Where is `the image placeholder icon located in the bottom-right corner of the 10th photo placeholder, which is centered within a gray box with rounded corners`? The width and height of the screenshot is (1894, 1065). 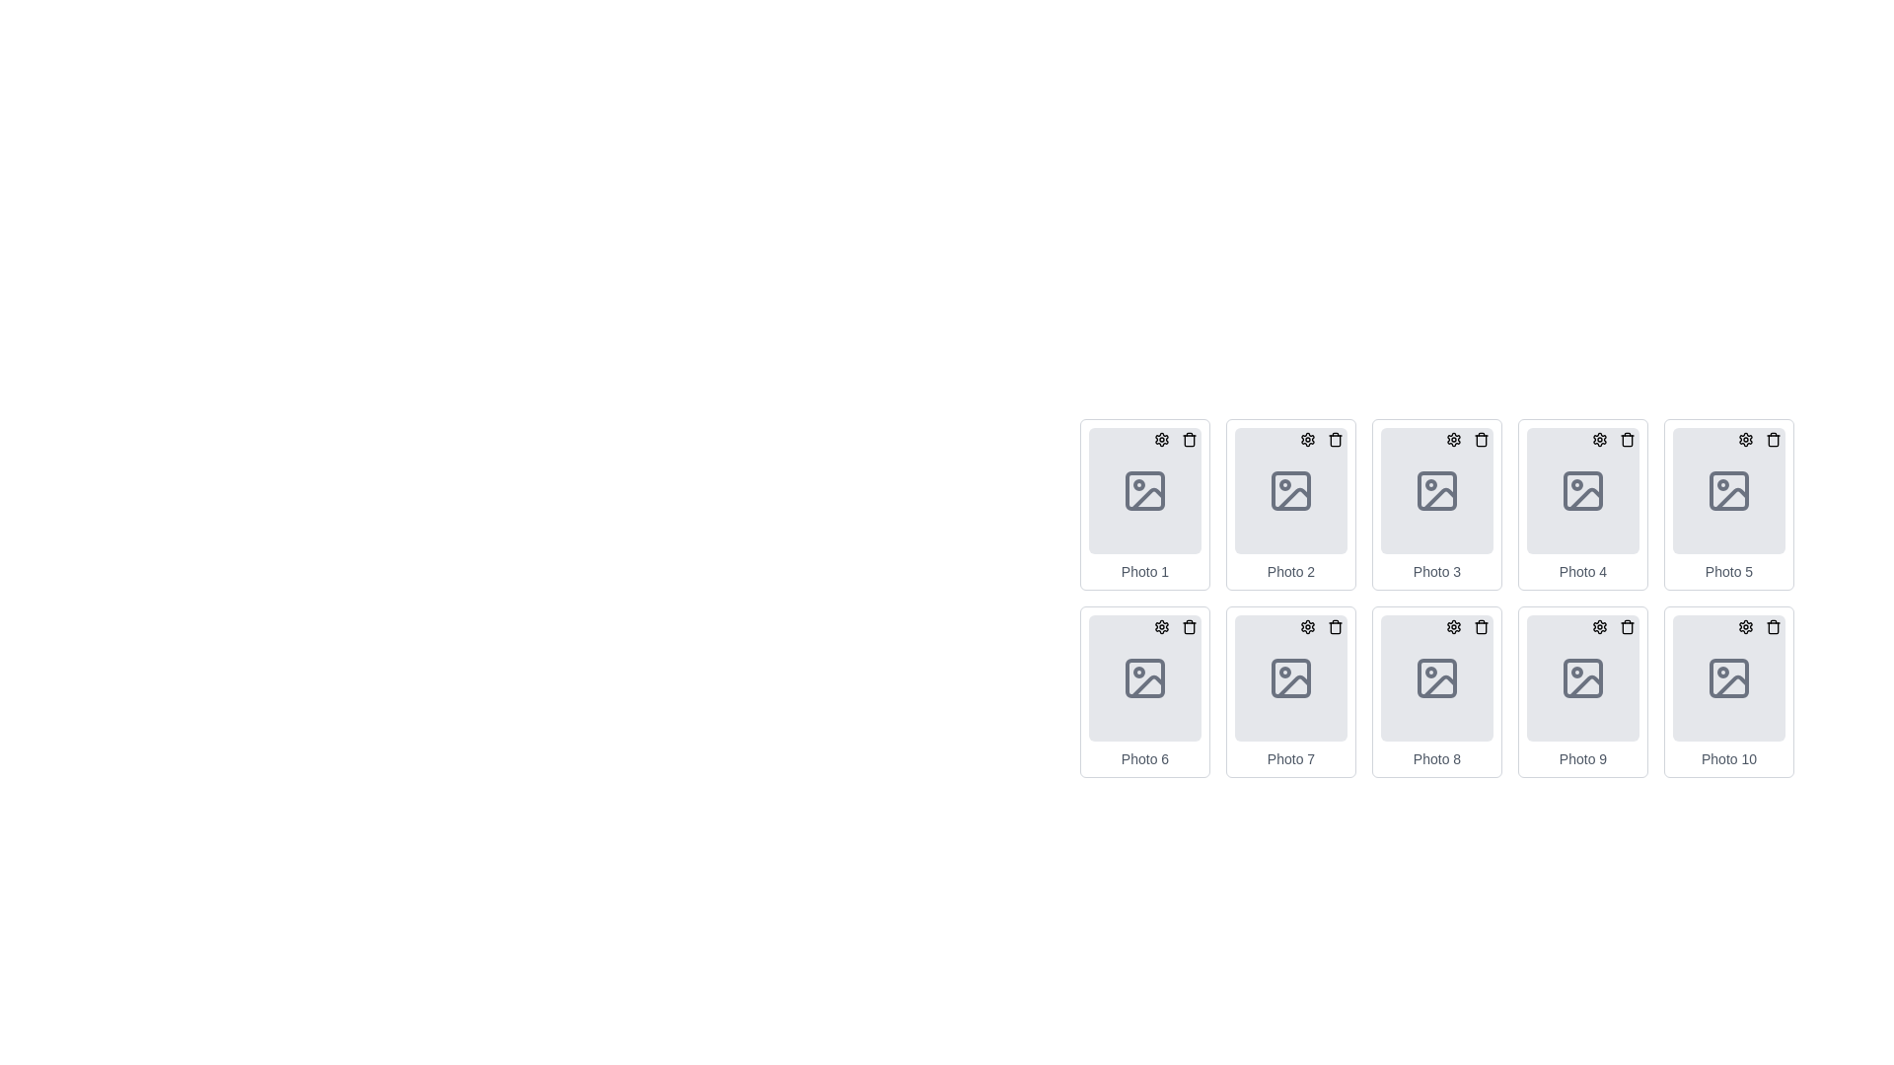
the image placeholder icon located in the bottom-right corner of the 10th photo placeholder, which is centered within a gray box with rounded corners is located at coordinates (1727, 676).